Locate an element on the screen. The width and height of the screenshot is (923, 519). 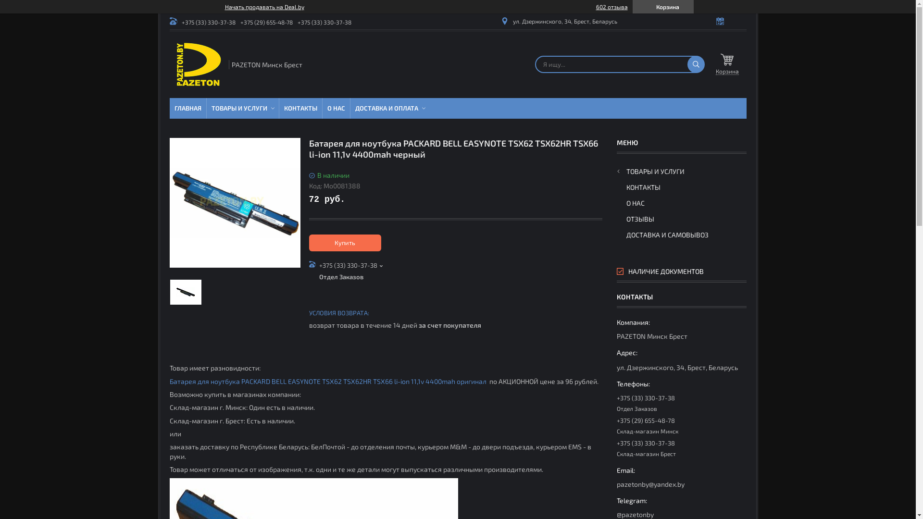
'pazetonby@yandex.by' is located at coordinates (680, 477).